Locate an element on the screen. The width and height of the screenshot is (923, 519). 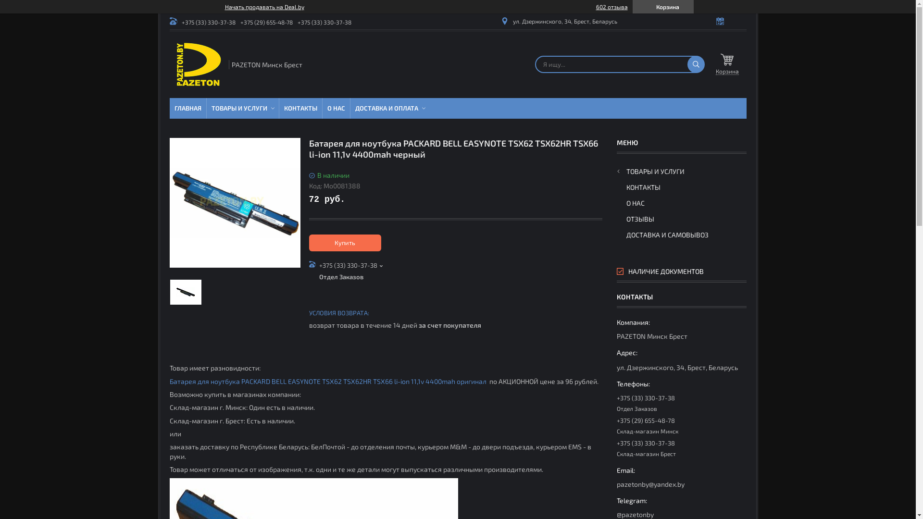
'pazetonby@yandex.by' is located at coordinates (680, 477).